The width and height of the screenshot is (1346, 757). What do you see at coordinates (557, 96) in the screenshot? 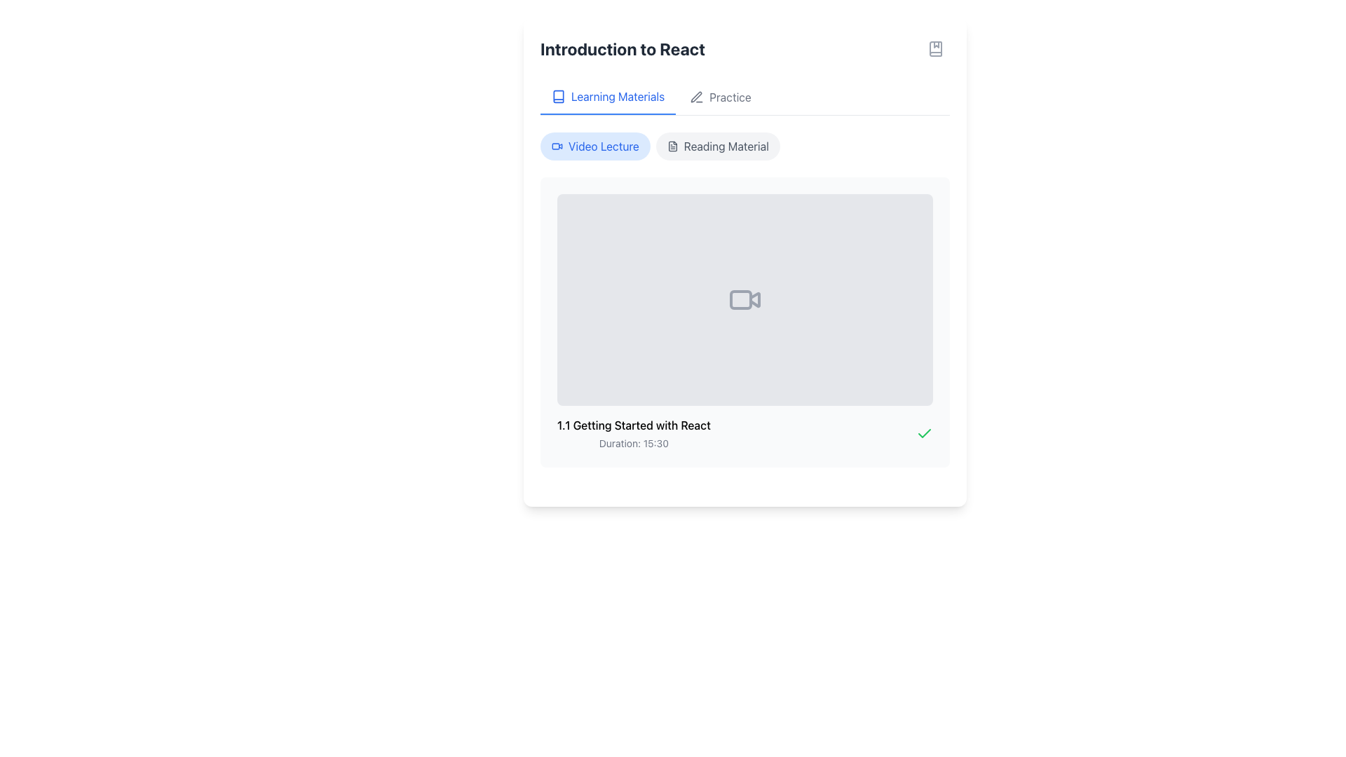
I see `the 'Learning Materials' SVG Icon located to the left of the 'Learning Materials' tab label in the navigation section` at bounding box center [557, 96].